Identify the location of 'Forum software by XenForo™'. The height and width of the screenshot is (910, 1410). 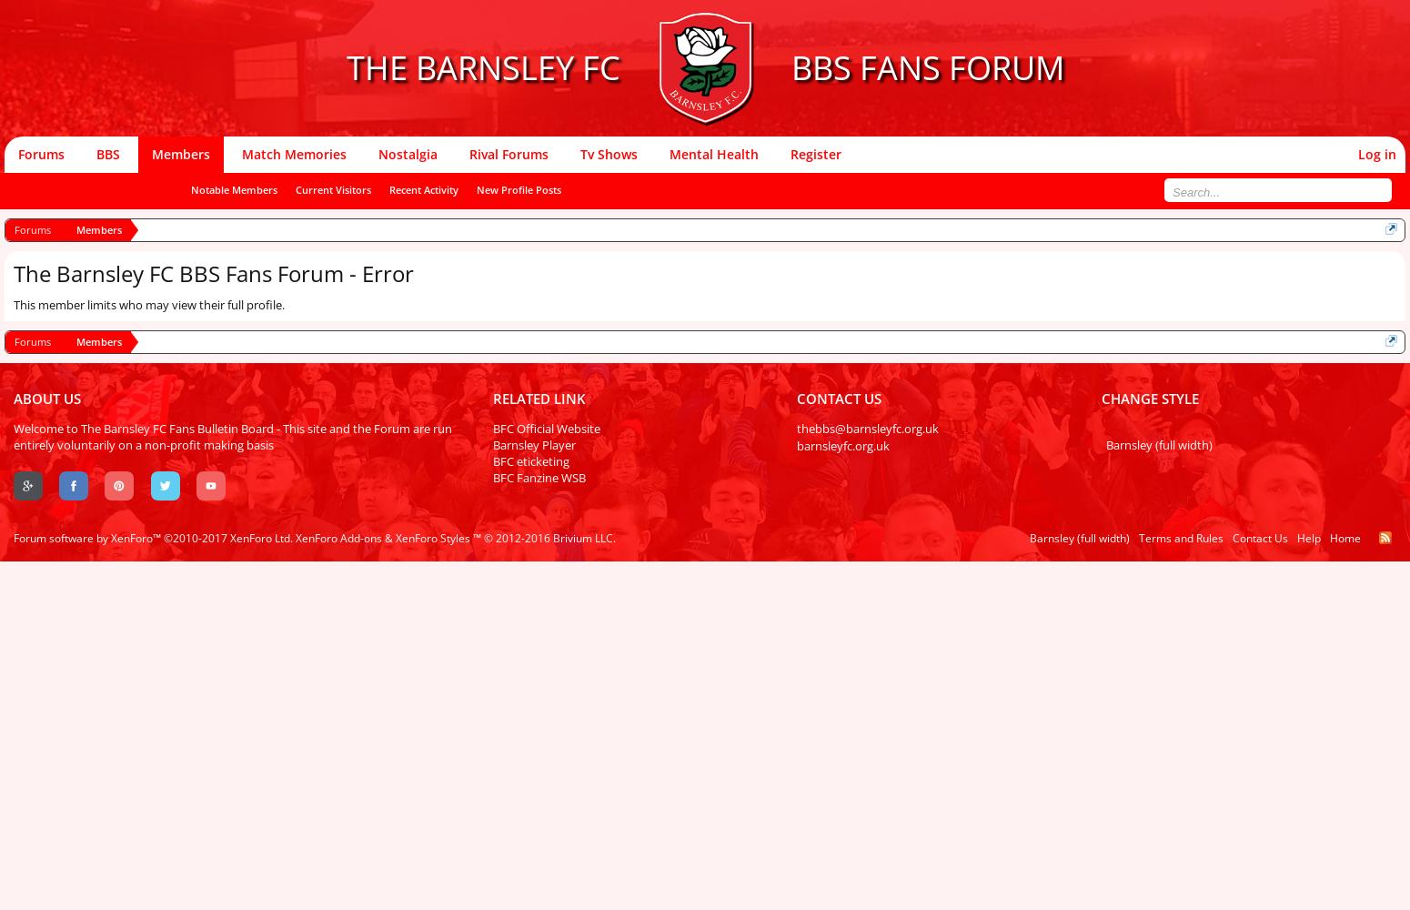
(88, 537).